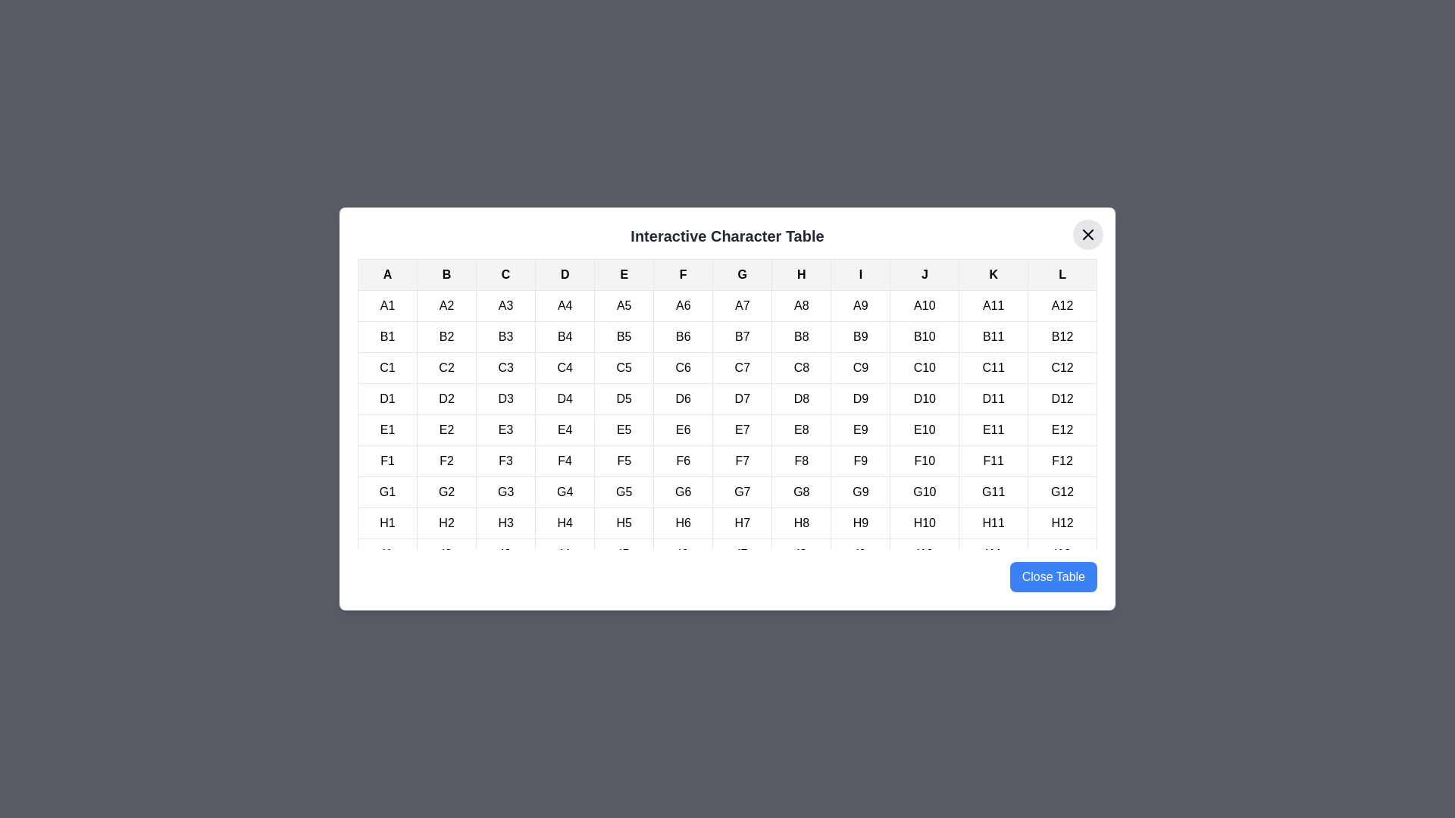 The width and height of the screenshot is (1455, 818). What do you see at coordinates (446, 274) in the screenshot?
I see `the table header cell labeled B to highlight its column` at bounding box center [446, 274].